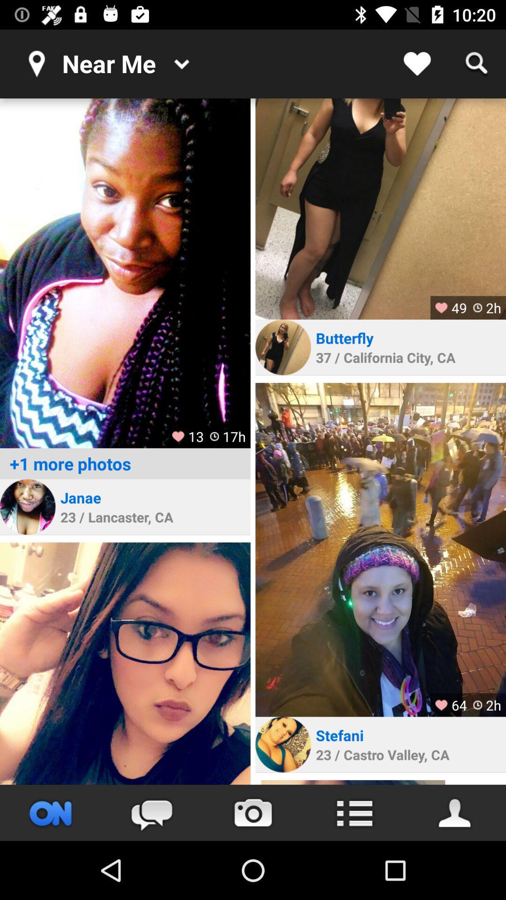  Describe the element at coordinates (151, 812) in the screenshot. I see `leave a comment` at that location.